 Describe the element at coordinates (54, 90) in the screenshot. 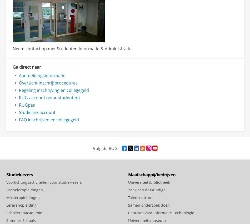

I see `'Regeling inschrijving en collegegeld'` at that location.